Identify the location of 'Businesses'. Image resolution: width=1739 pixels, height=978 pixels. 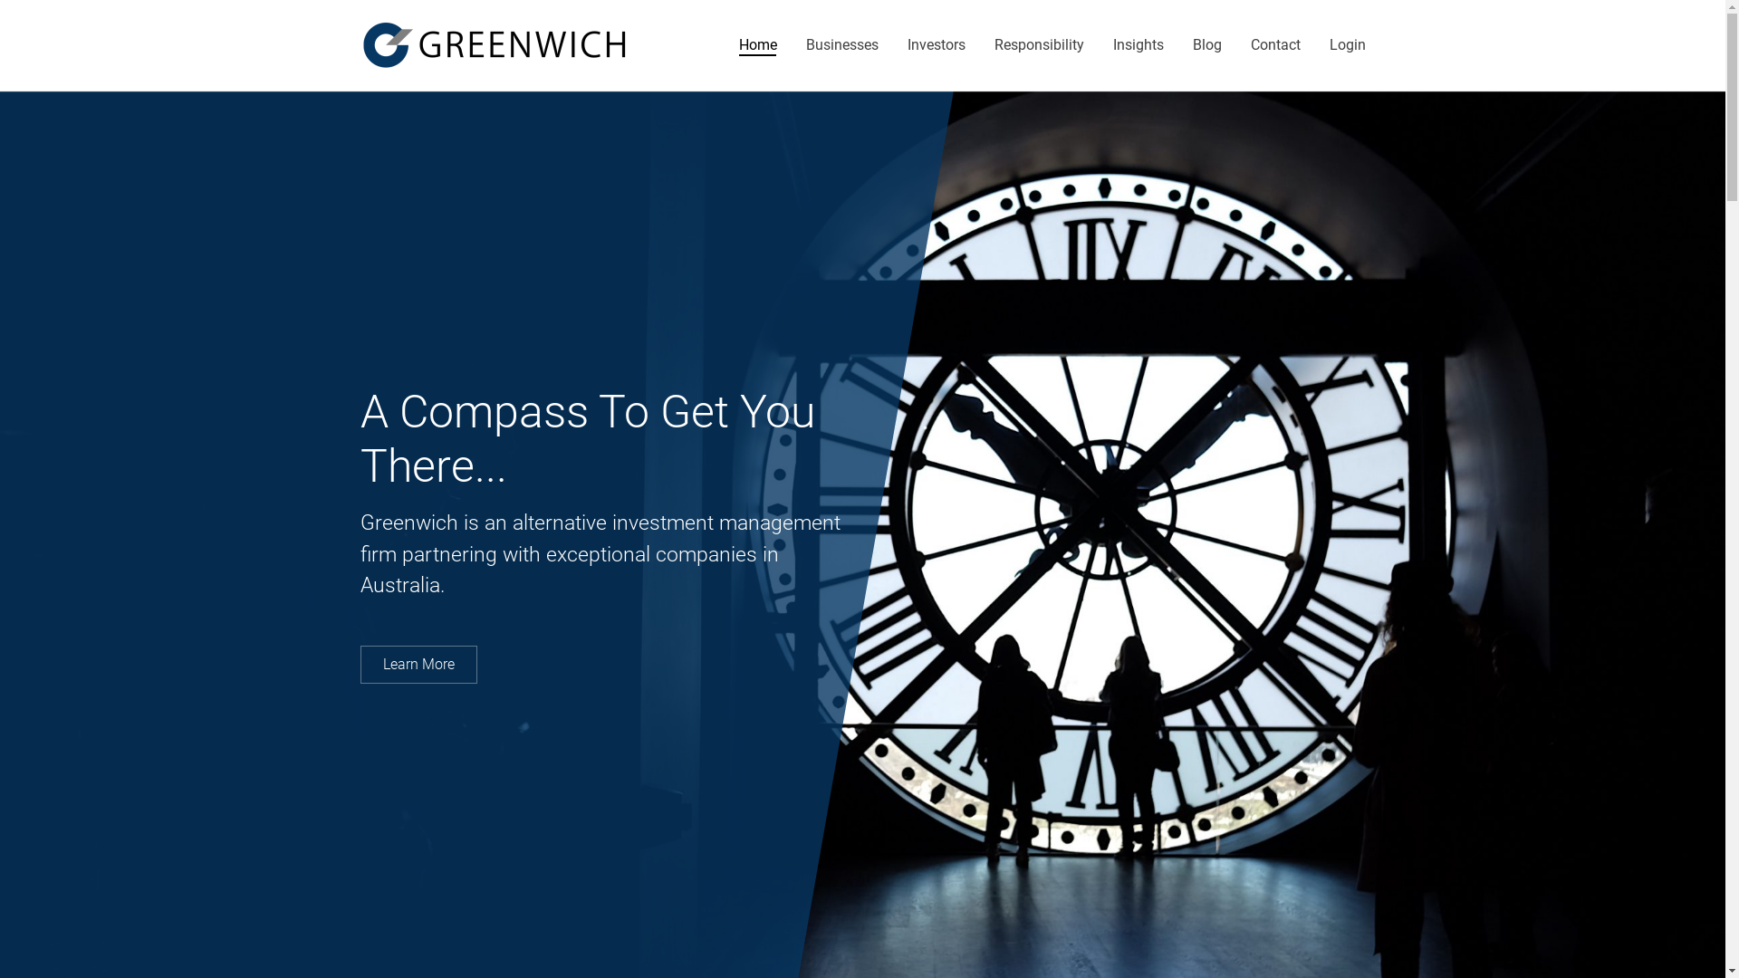
(841, 44).